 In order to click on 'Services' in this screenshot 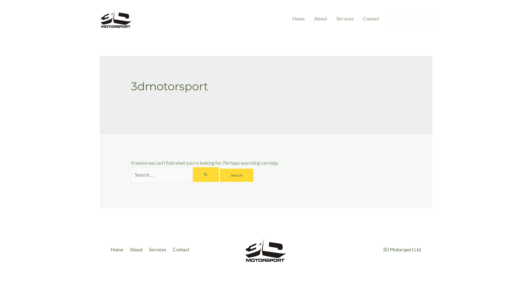, I will do `click(158, 250)`.